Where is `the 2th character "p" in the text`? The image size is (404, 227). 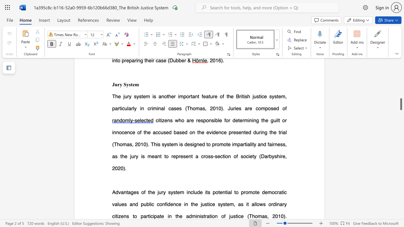 the 2th character "p" in the text is located at coordinates (156, 216).